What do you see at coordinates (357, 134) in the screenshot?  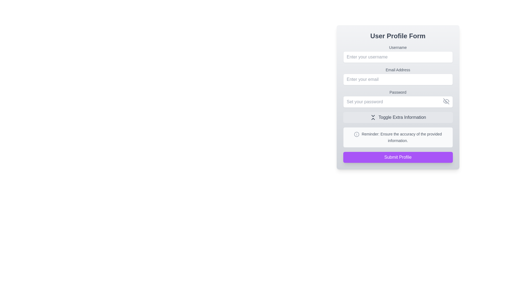 I see `the info icon, which is a gray circular icon with an info symbol inside, located next to the reminder text 'Ensure the accuracy of the provided information.'` at bounding box center [357, 134].